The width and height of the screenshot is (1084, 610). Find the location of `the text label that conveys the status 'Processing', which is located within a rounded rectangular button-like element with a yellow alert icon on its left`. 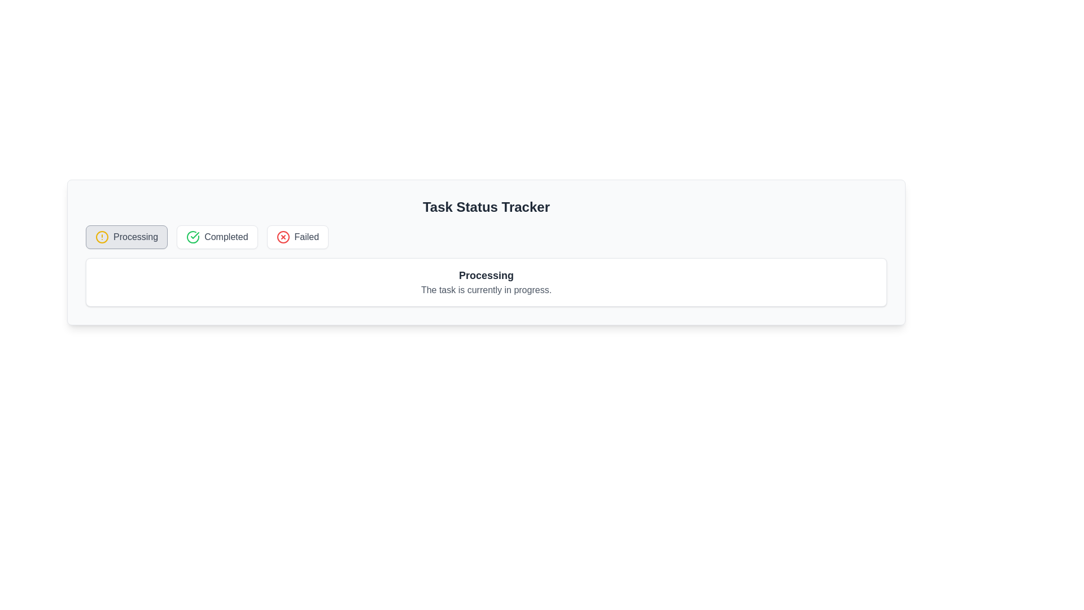

the text label that conveys the status 'Processing', which is located within a rounded rectangular button-like element with a yellow alert icon on its left is located at coordinates (135, 237).